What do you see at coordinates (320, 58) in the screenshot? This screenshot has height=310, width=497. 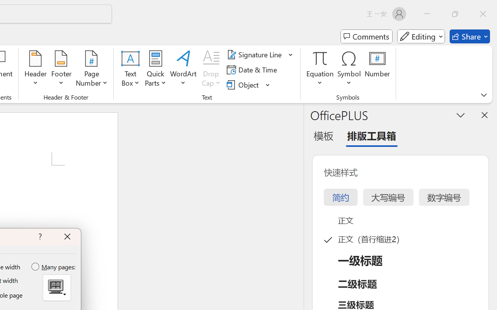 I see `'Equation'` at bounding box center [320, 58].